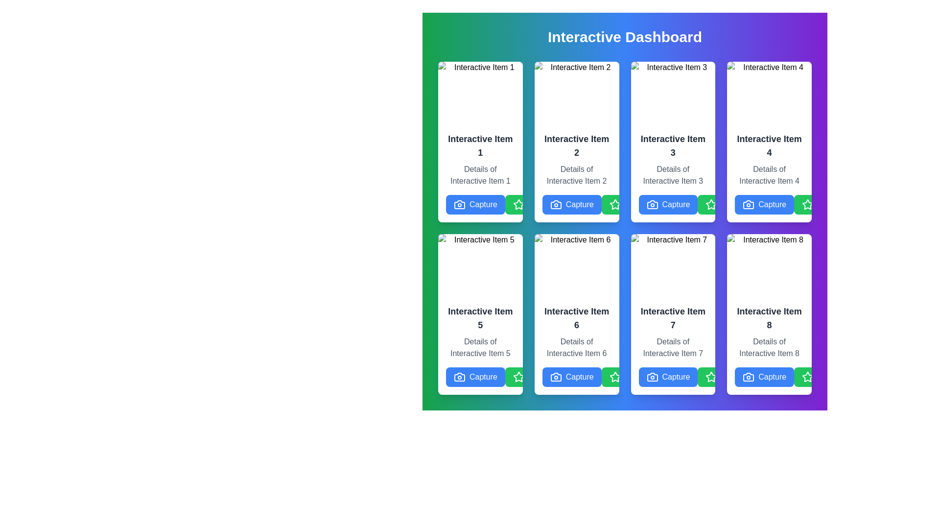 Image resolution: width=940 pixels, height=529 pixels. Describe the element at coordinates (808, 376) in the screenshot. I see `the star-shaped icon with a green fill and black outline located in the bottom-right corner of 'Interactive Item 8' to mark it as a favorite` at that location.